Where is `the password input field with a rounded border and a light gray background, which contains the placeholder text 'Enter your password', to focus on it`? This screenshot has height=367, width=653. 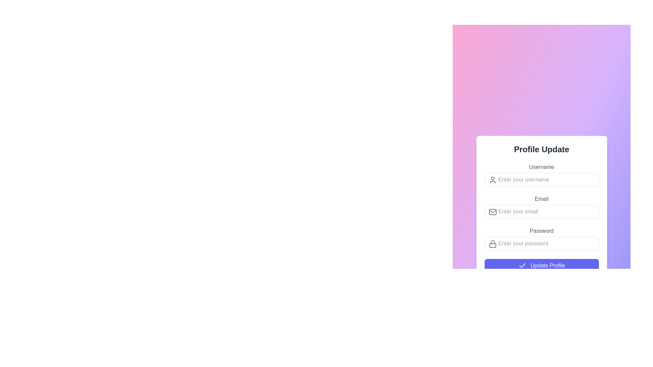
the password input field with a rounded border and a light gray background, which contains the placeholder text 'Enter your password', to focus on it is located at coordinates (541, 243).